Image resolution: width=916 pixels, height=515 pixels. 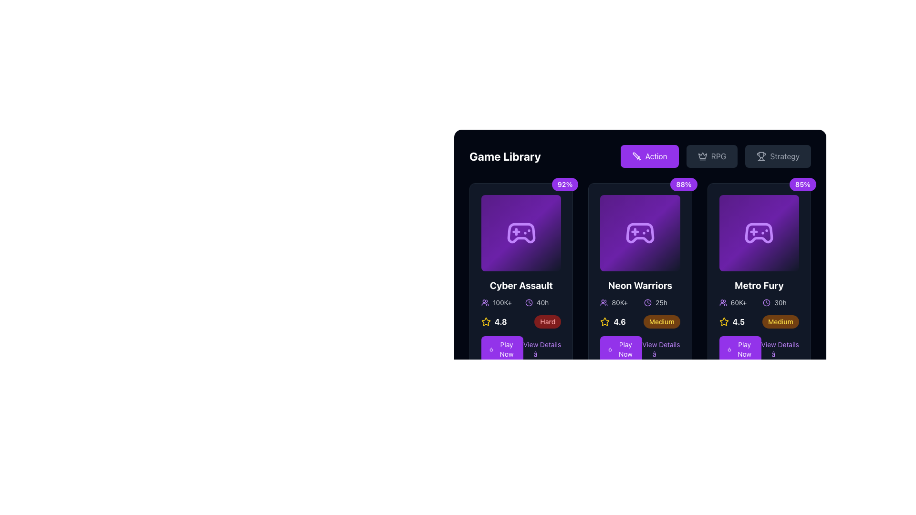 What do you see at coordinates (781, 303) in the screenshot?
I see `the static informational label displaying the gameplay duration for 'Metro Fury'` at bounding box center [781, 303].